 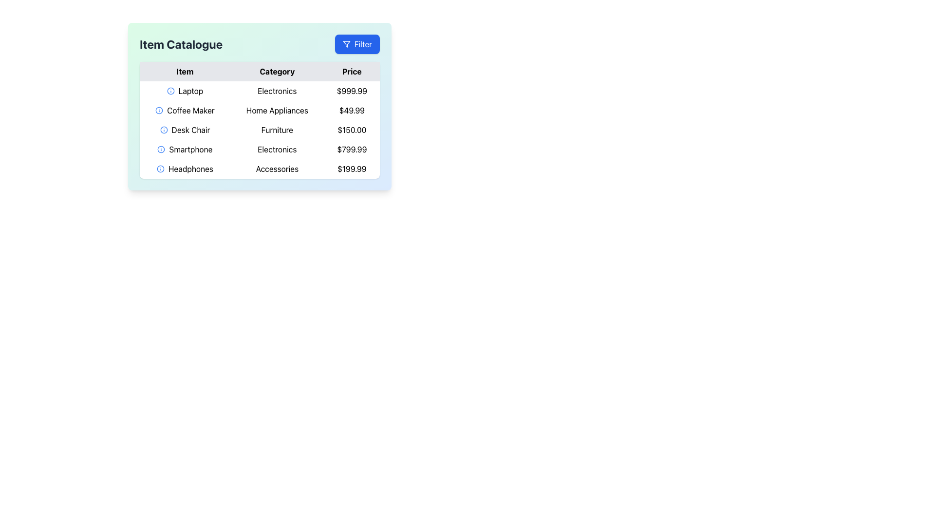 I want to click on text from the Text Label indicating the category 'Smartphone' located in the second column of the fourth row of the table, so click(x=277, y=150).